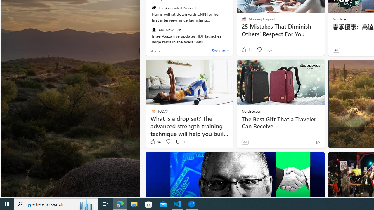  What do you see at coordinates (252, 111) in the screenshot?
I see `'Nordace.com'` at bounding box center [252, 111].